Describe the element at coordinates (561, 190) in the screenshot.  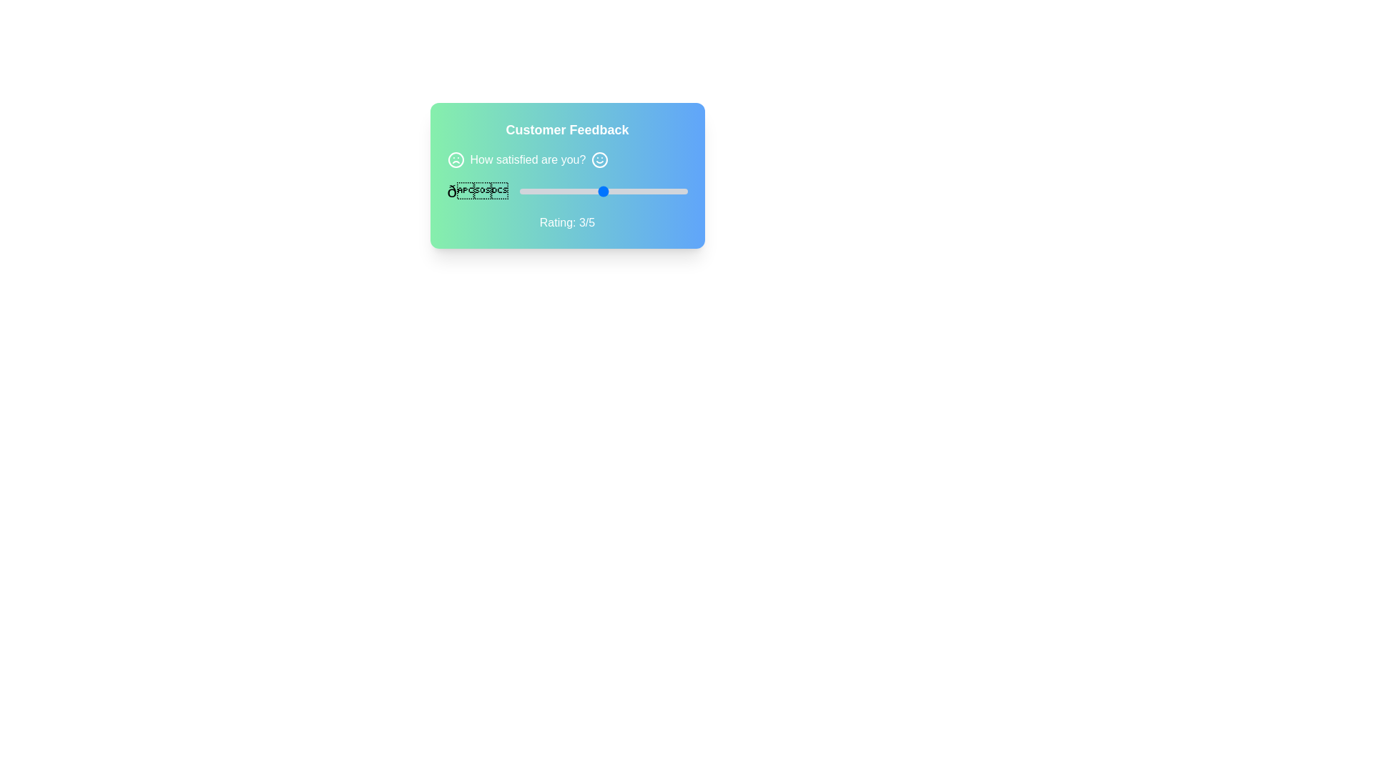
I see `the slider value` at that location.